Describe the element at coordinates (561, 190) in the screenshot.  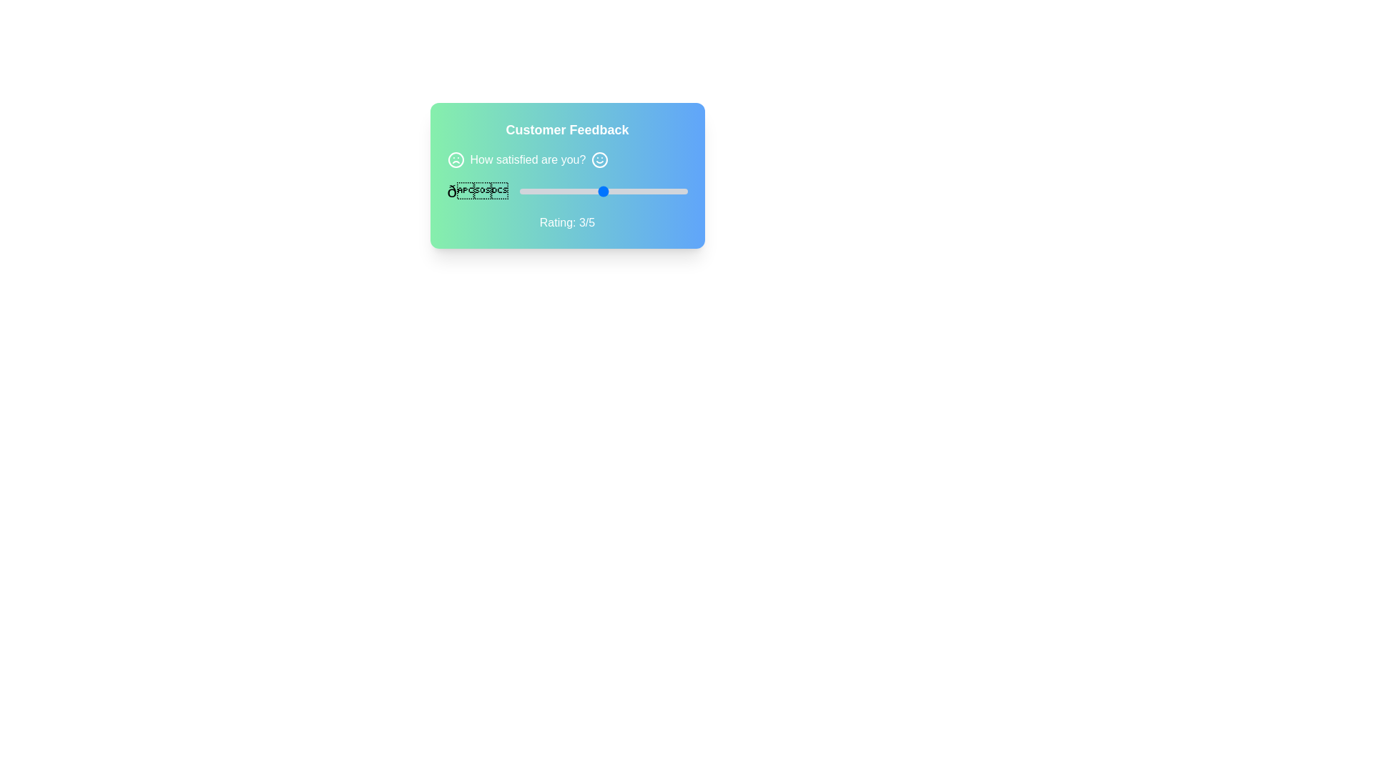
I see `the slider value` at that location.